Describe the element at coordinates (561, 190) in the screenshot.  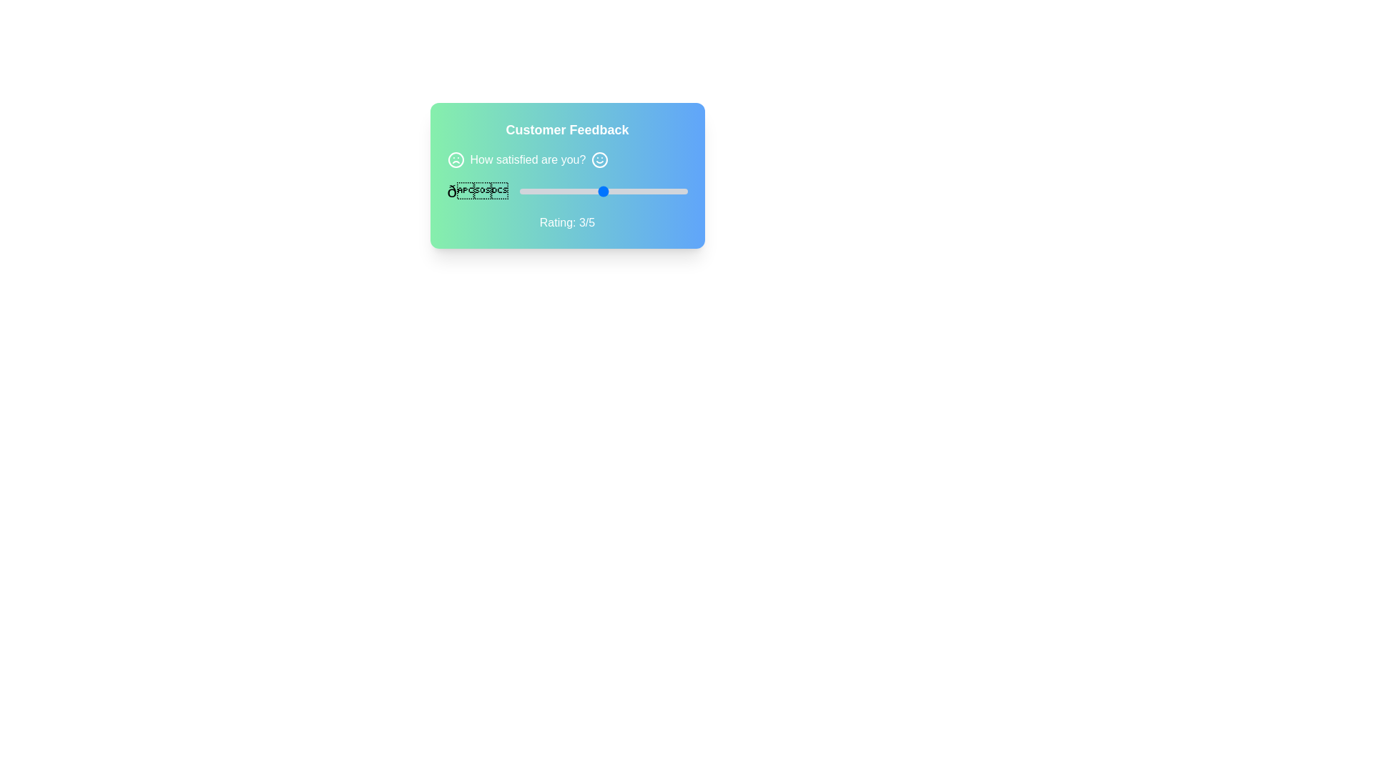
I see `the slider value` at that location.